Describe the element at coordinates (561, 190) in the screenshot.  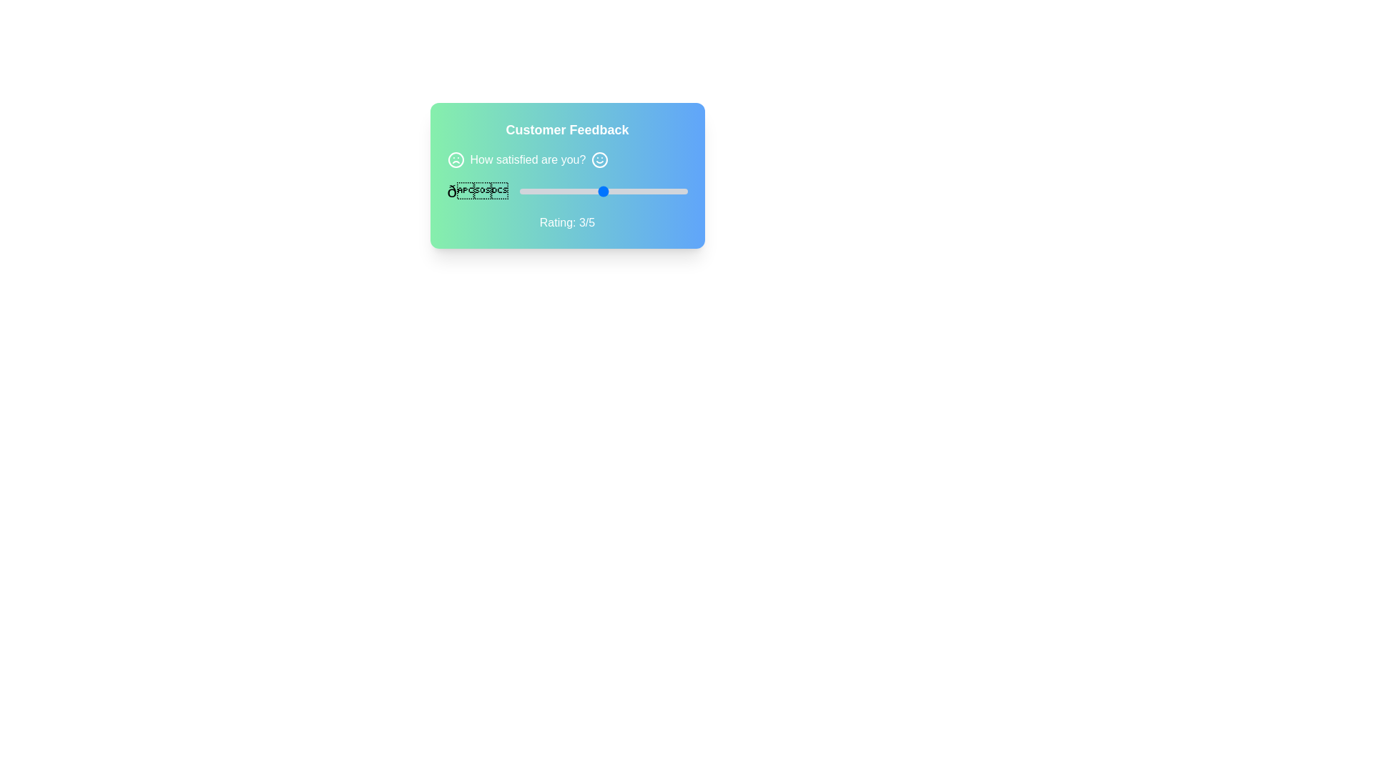
I see `the slider value` at that location.